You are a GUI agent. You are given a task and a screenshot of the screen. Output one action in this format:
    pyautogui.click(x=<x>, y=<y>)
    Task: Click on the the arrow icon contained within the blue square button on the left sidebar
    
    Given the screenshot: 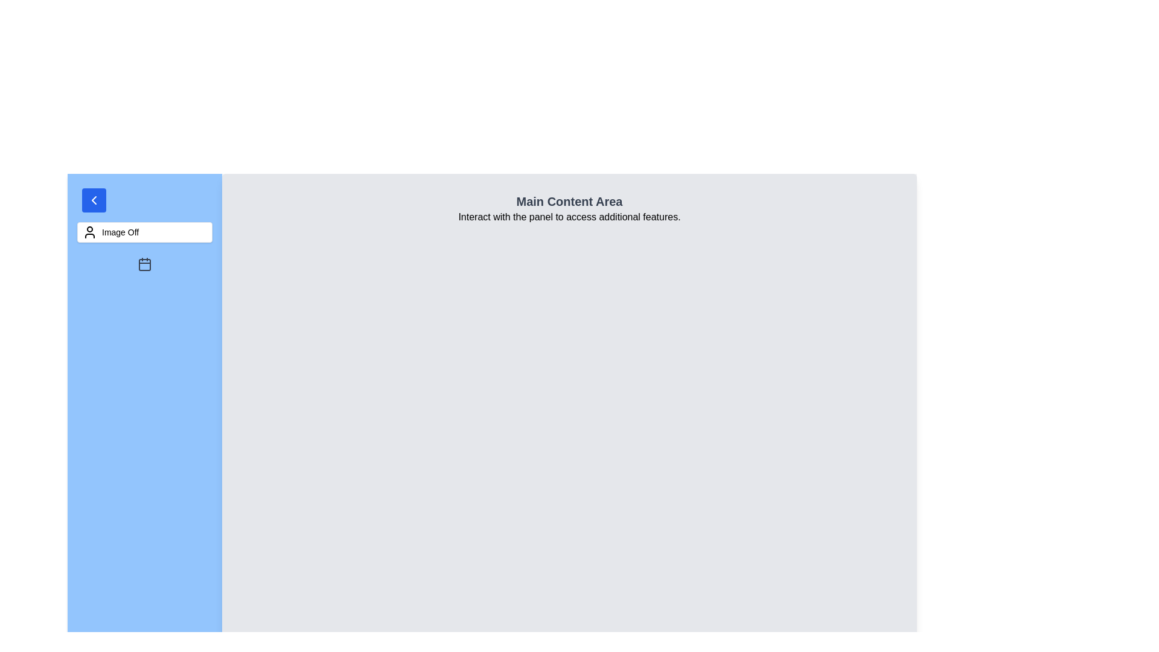 What is the action you would take?
    pyautogui.click(x=94, y=199)
    